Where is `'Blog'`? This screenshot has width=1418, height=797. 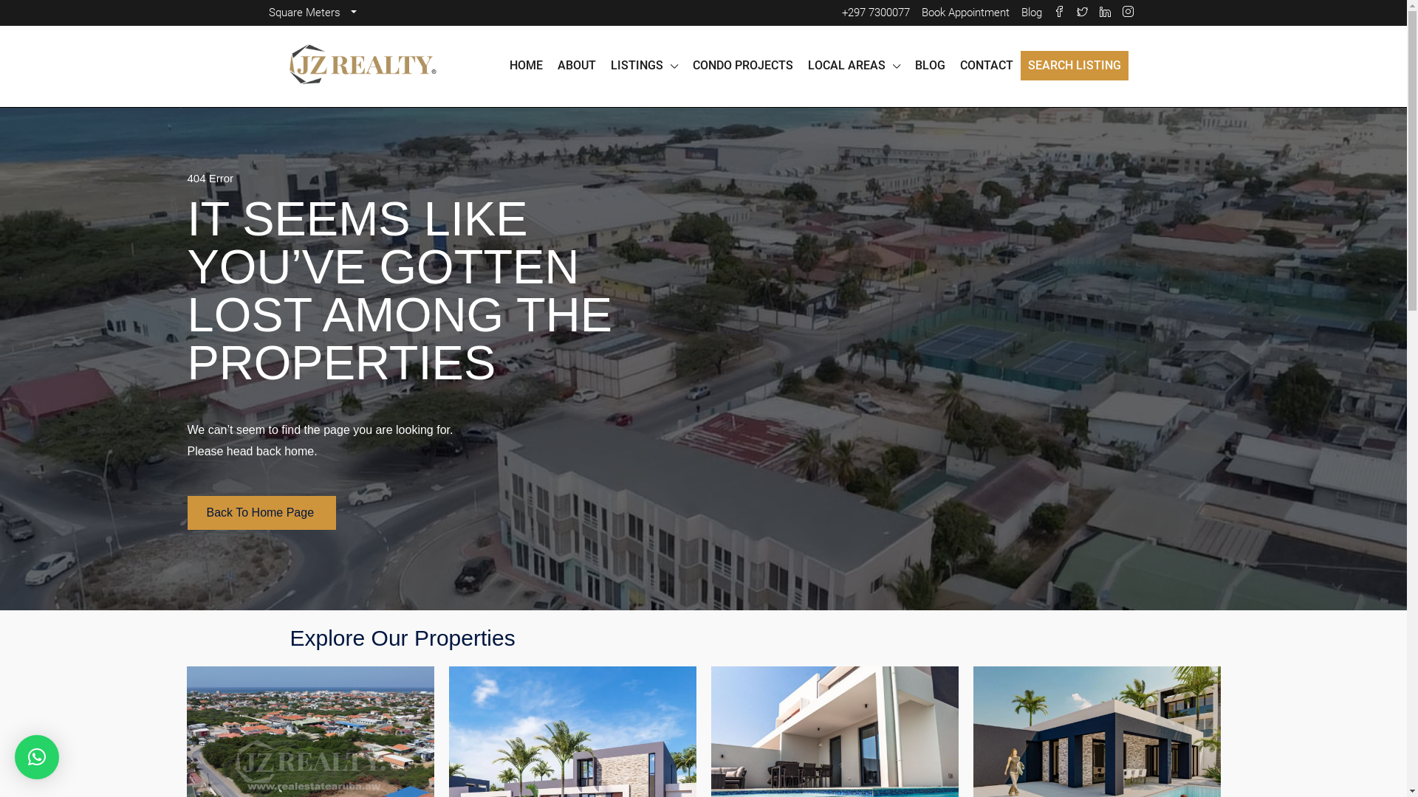 'Blog' is located at coordinates (1030, 13).